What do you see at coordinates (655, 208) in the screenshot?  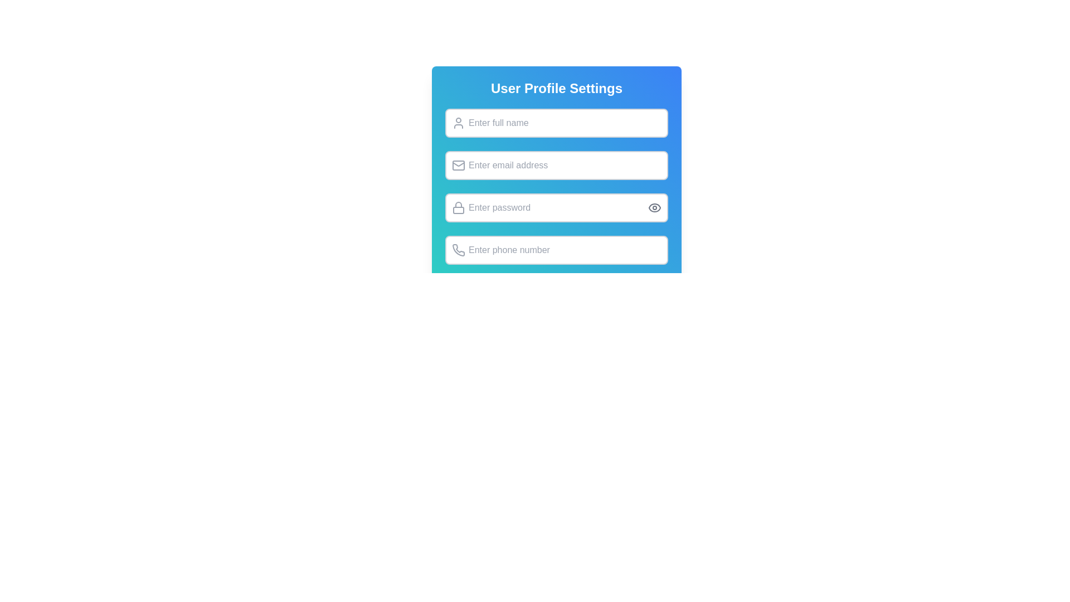 I see `the eye icon button that toggles the visibility of the password text` at bounding box center [655, 208].